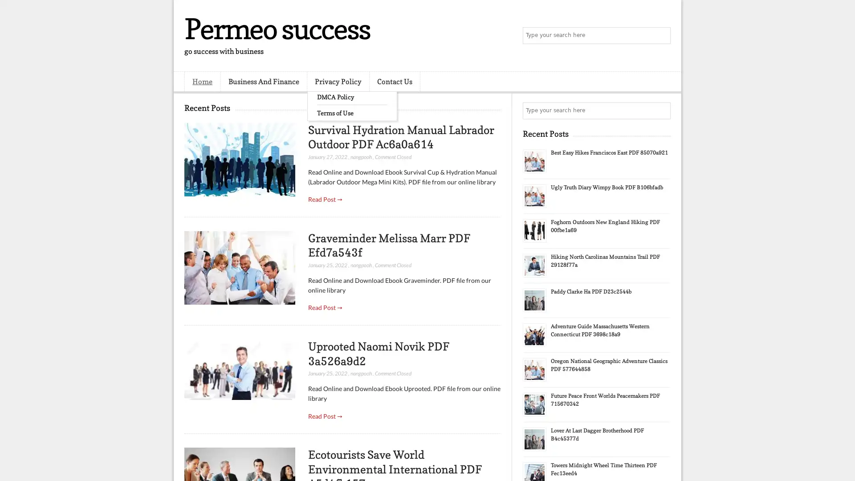  What do you see at coordinates (661, 110) in the screenshot?
I see `Search` at bounding box center [661, 110].